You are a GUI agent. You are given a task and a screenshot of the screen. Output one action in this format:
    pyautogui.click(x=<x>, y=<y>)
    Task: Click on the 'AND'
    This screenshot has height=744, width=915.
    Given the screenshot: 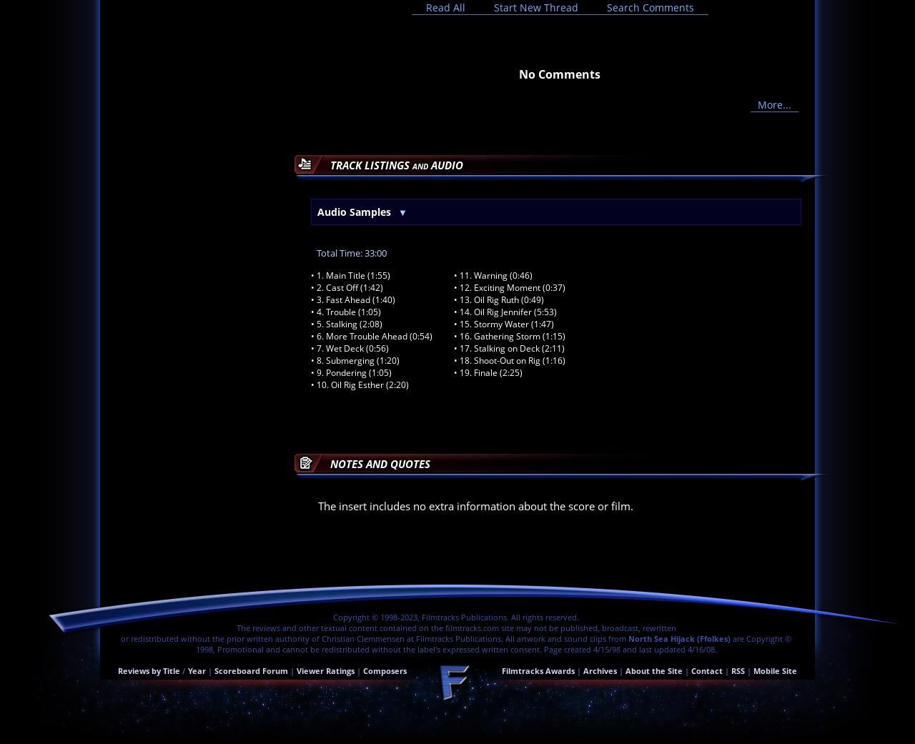 What is the action you would take?
    pyautogui.click(x=420, y=165)
    